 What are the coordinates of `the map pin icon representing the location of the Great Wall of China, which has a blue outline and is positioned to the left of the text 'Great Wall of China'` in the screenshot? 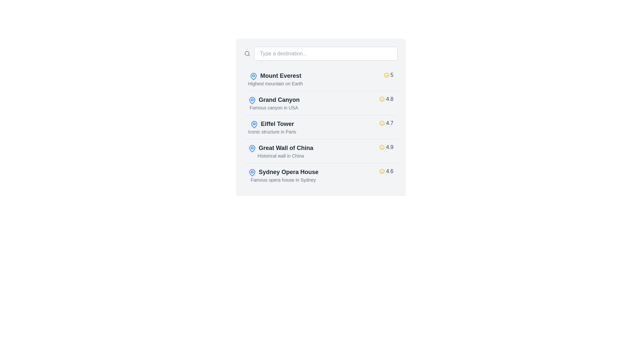 It's located at (252, 148).